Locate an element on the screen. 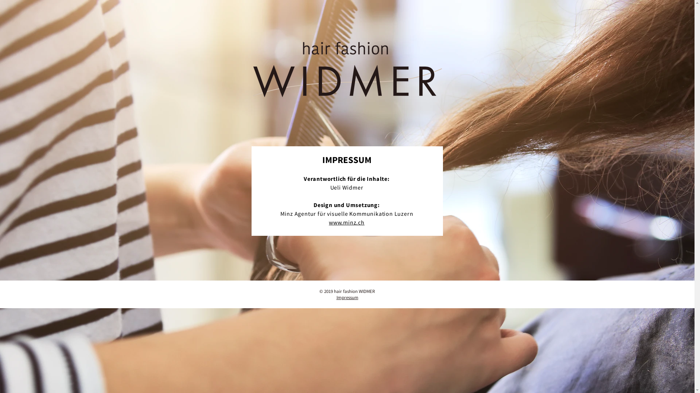 Image resolution: width=700 pixels, height=393 pixels. 'www.minz.ch' is located at coordinates (346, 222).